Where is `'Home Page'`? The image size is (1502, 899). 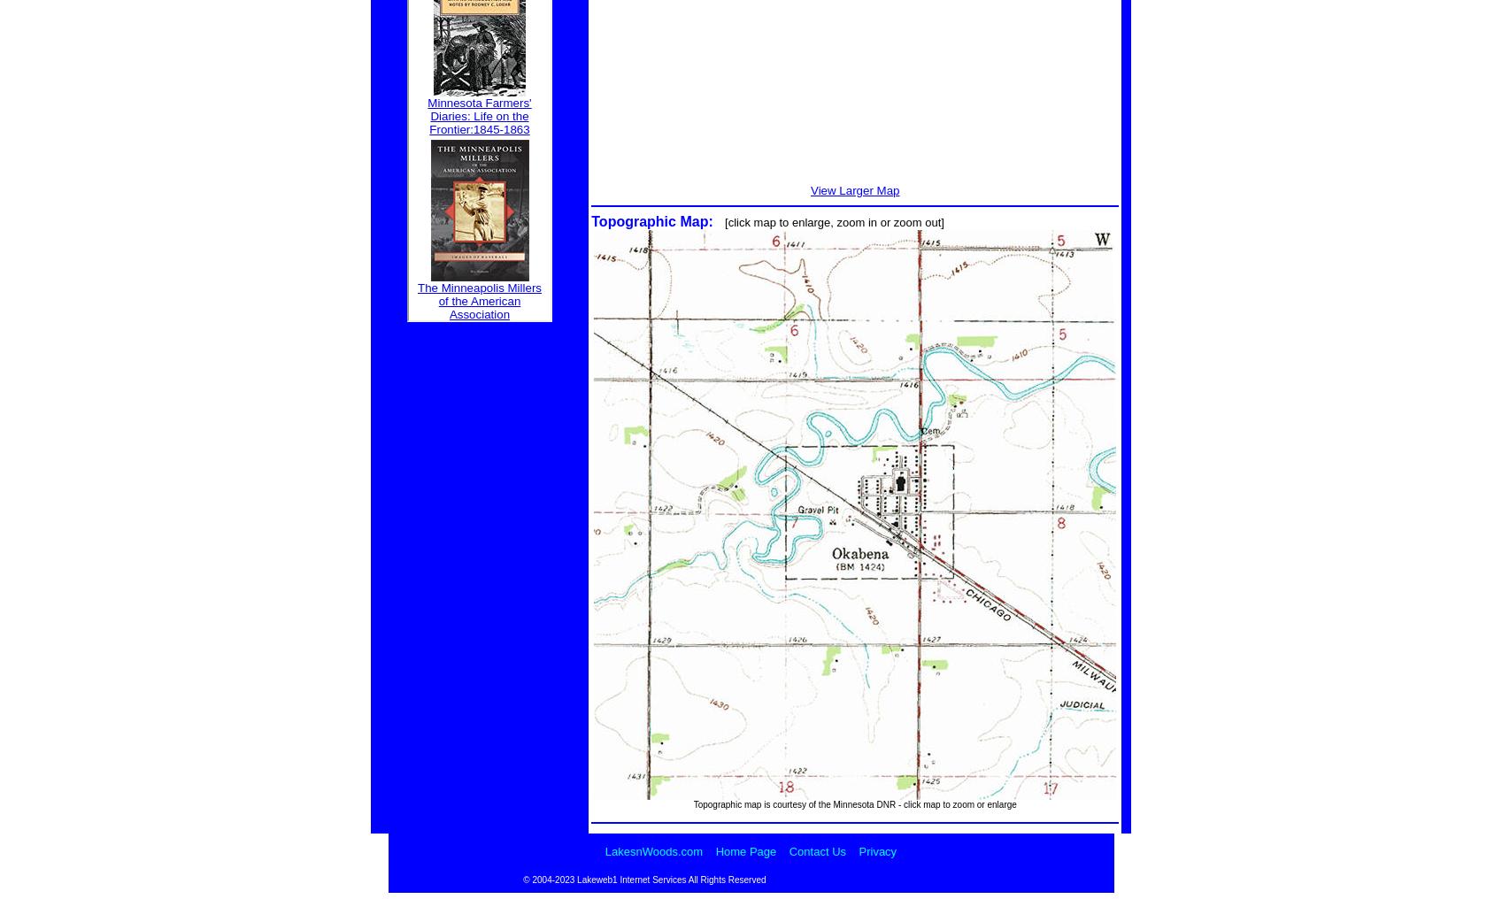
'Home Page' is located at coordinates (714, 851).